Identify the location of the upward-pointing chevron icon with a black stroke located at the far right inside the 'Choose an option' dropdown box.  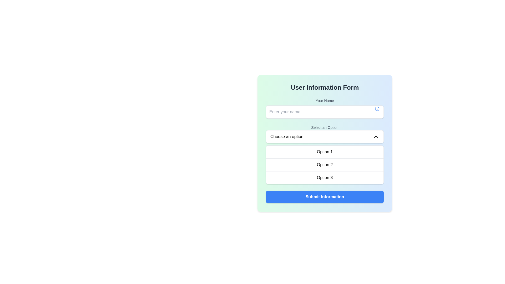
(376, 136).